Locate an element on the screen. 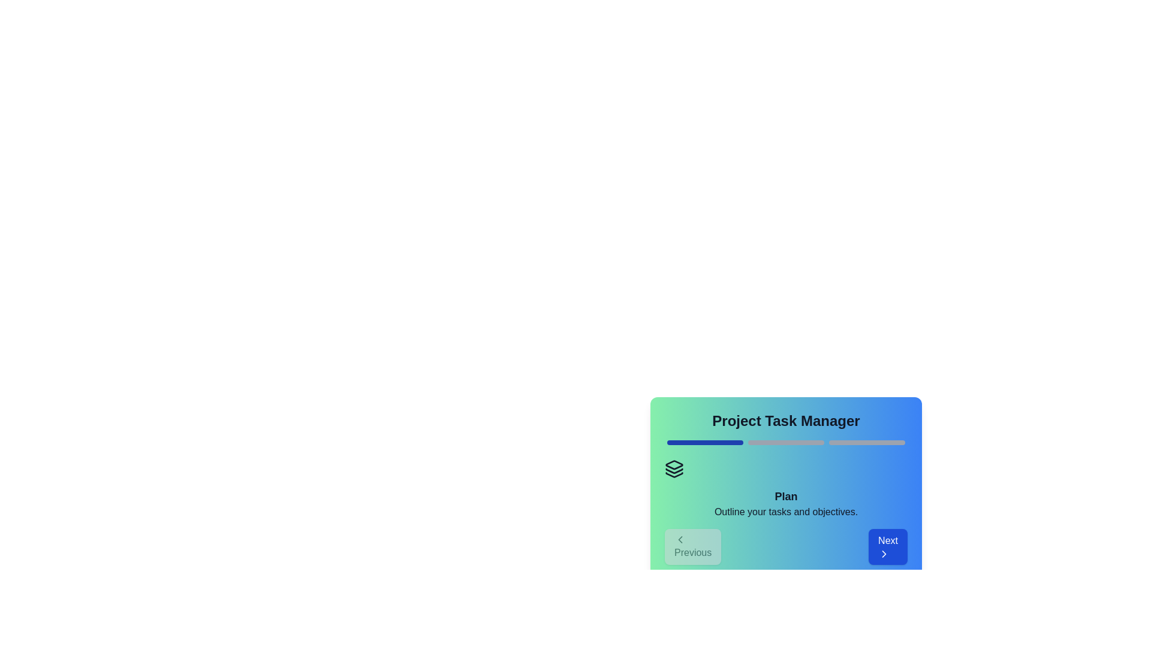 This screenshot has width=1151, height=647. the current step's icon to provide feedback is located at coordinates (674, 468).